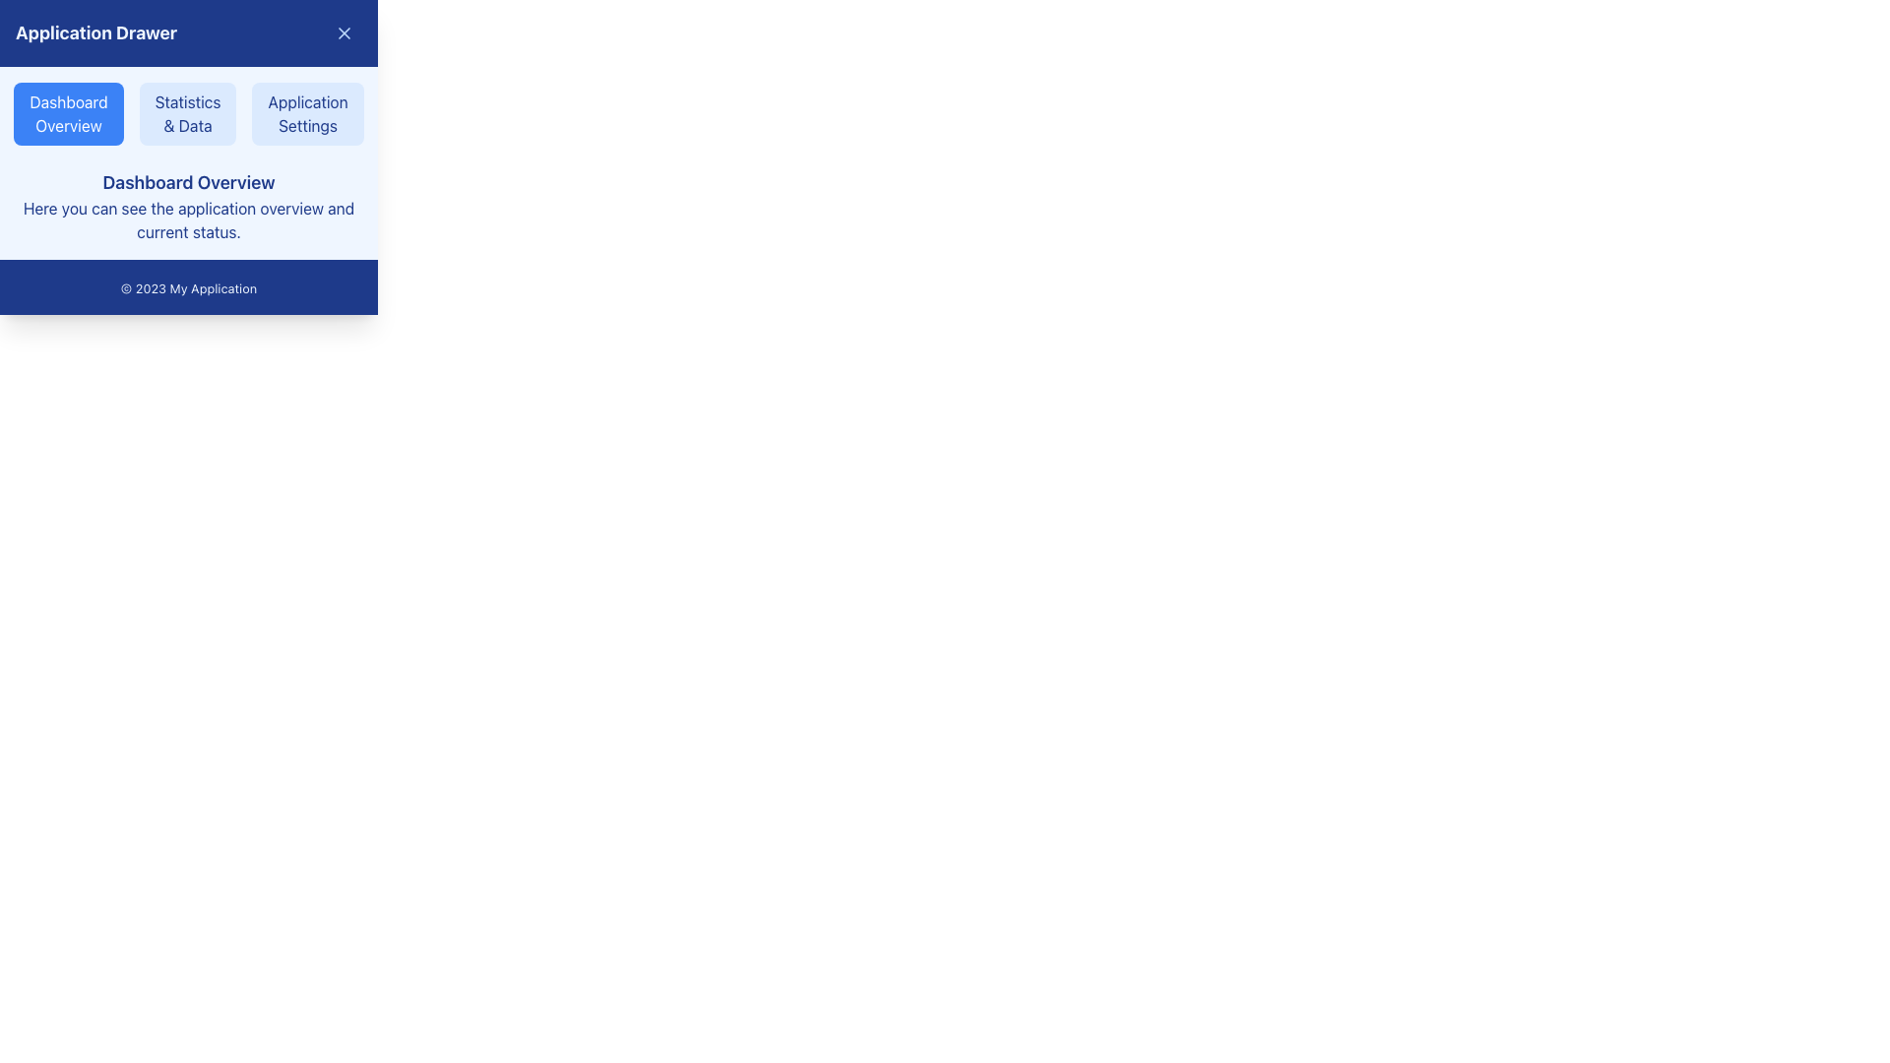  What do you see at coordinates (189, 219) in the screenshot?
I see `the informational label displaying 'Here you can see the application overview and current status.' located beneath the 'Dashboard Overview' heading` at bounding box center [189, 219].